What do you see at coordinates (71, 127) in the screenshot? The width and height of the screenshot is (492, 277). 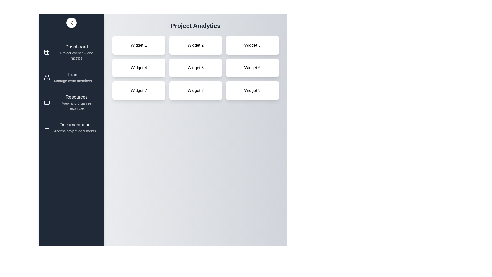 I see `the menu item Documentation from the sidebar` at bounding box center [71, 127].